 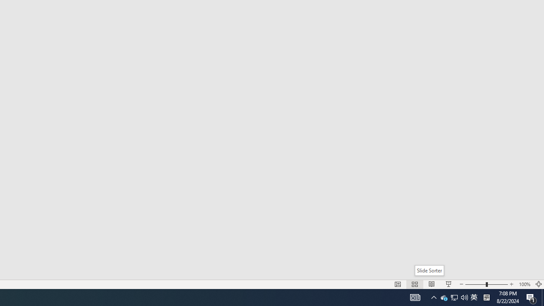 What do you see at coordinates (429, 270) in the screenshot?
I see `'Slide Sorter'` at bounding box center [429, 270].